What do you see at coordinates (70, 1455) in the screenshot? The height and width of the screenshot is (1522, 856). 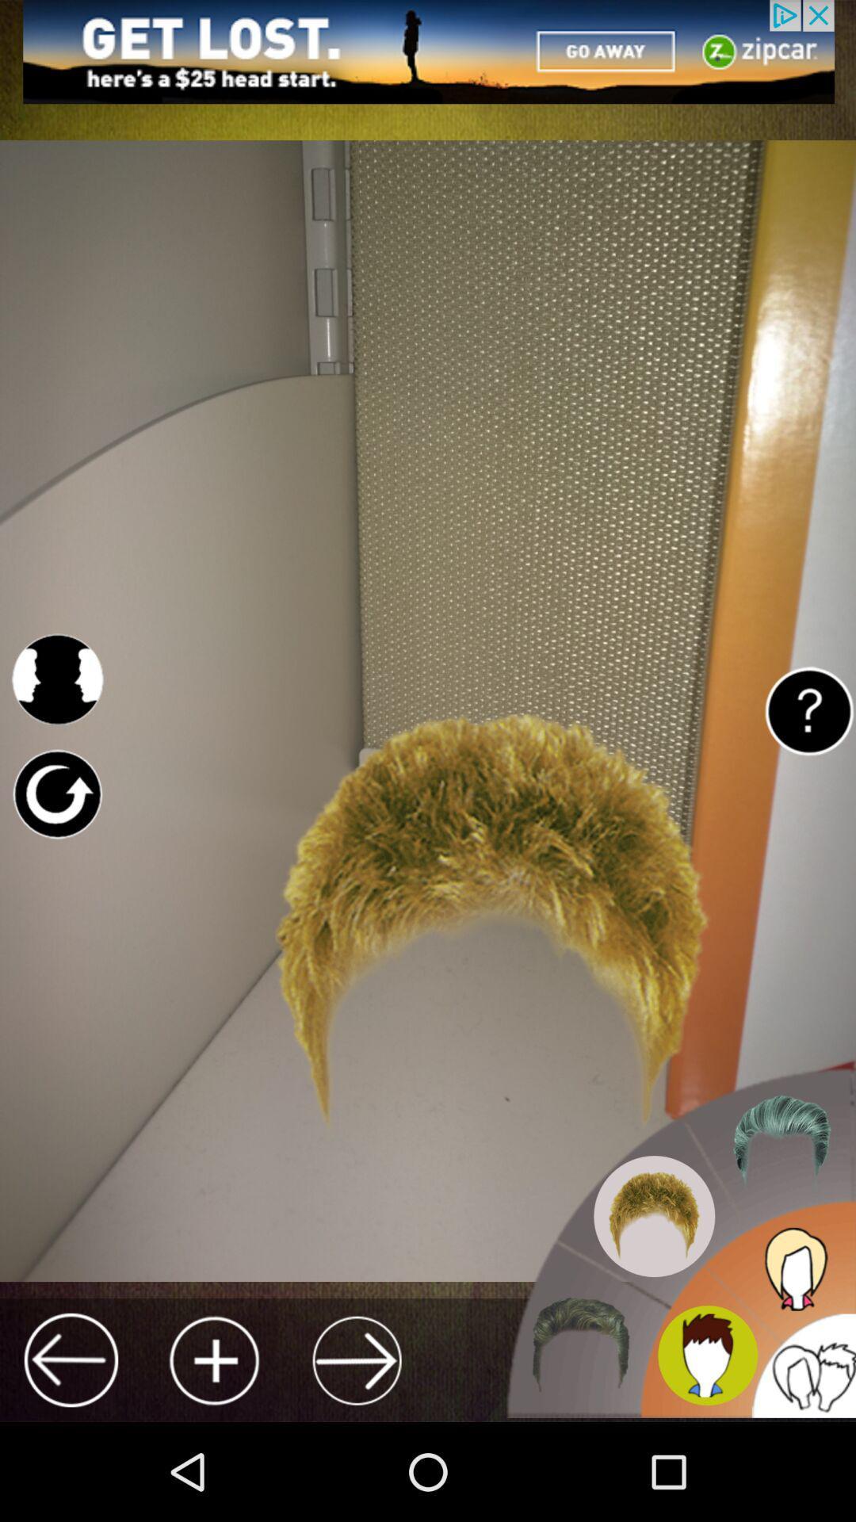 I see `the arrow_backward icon` at bounding box center [70, 1455].